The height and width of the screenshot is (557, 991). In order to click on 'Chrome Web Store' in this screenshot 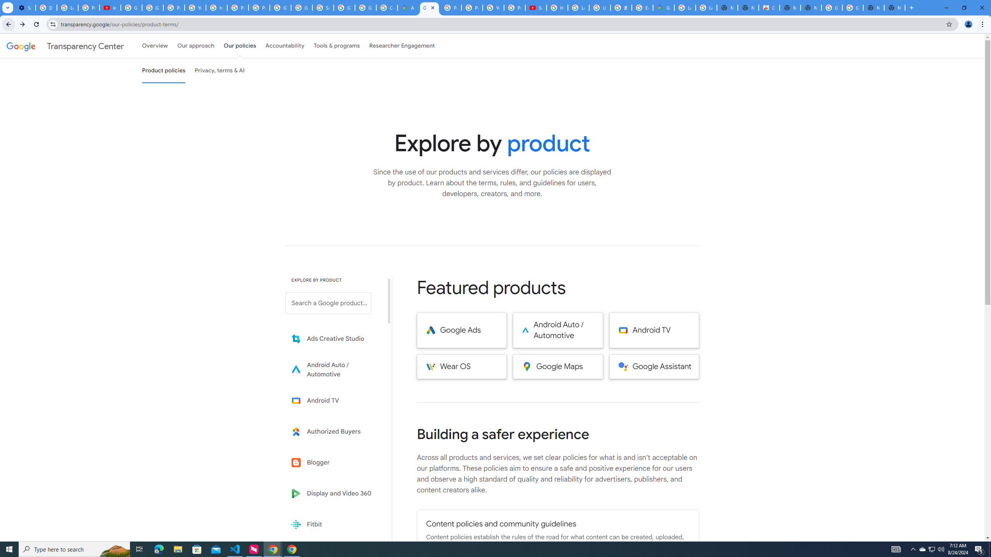, I will do `click(768, 7)`.